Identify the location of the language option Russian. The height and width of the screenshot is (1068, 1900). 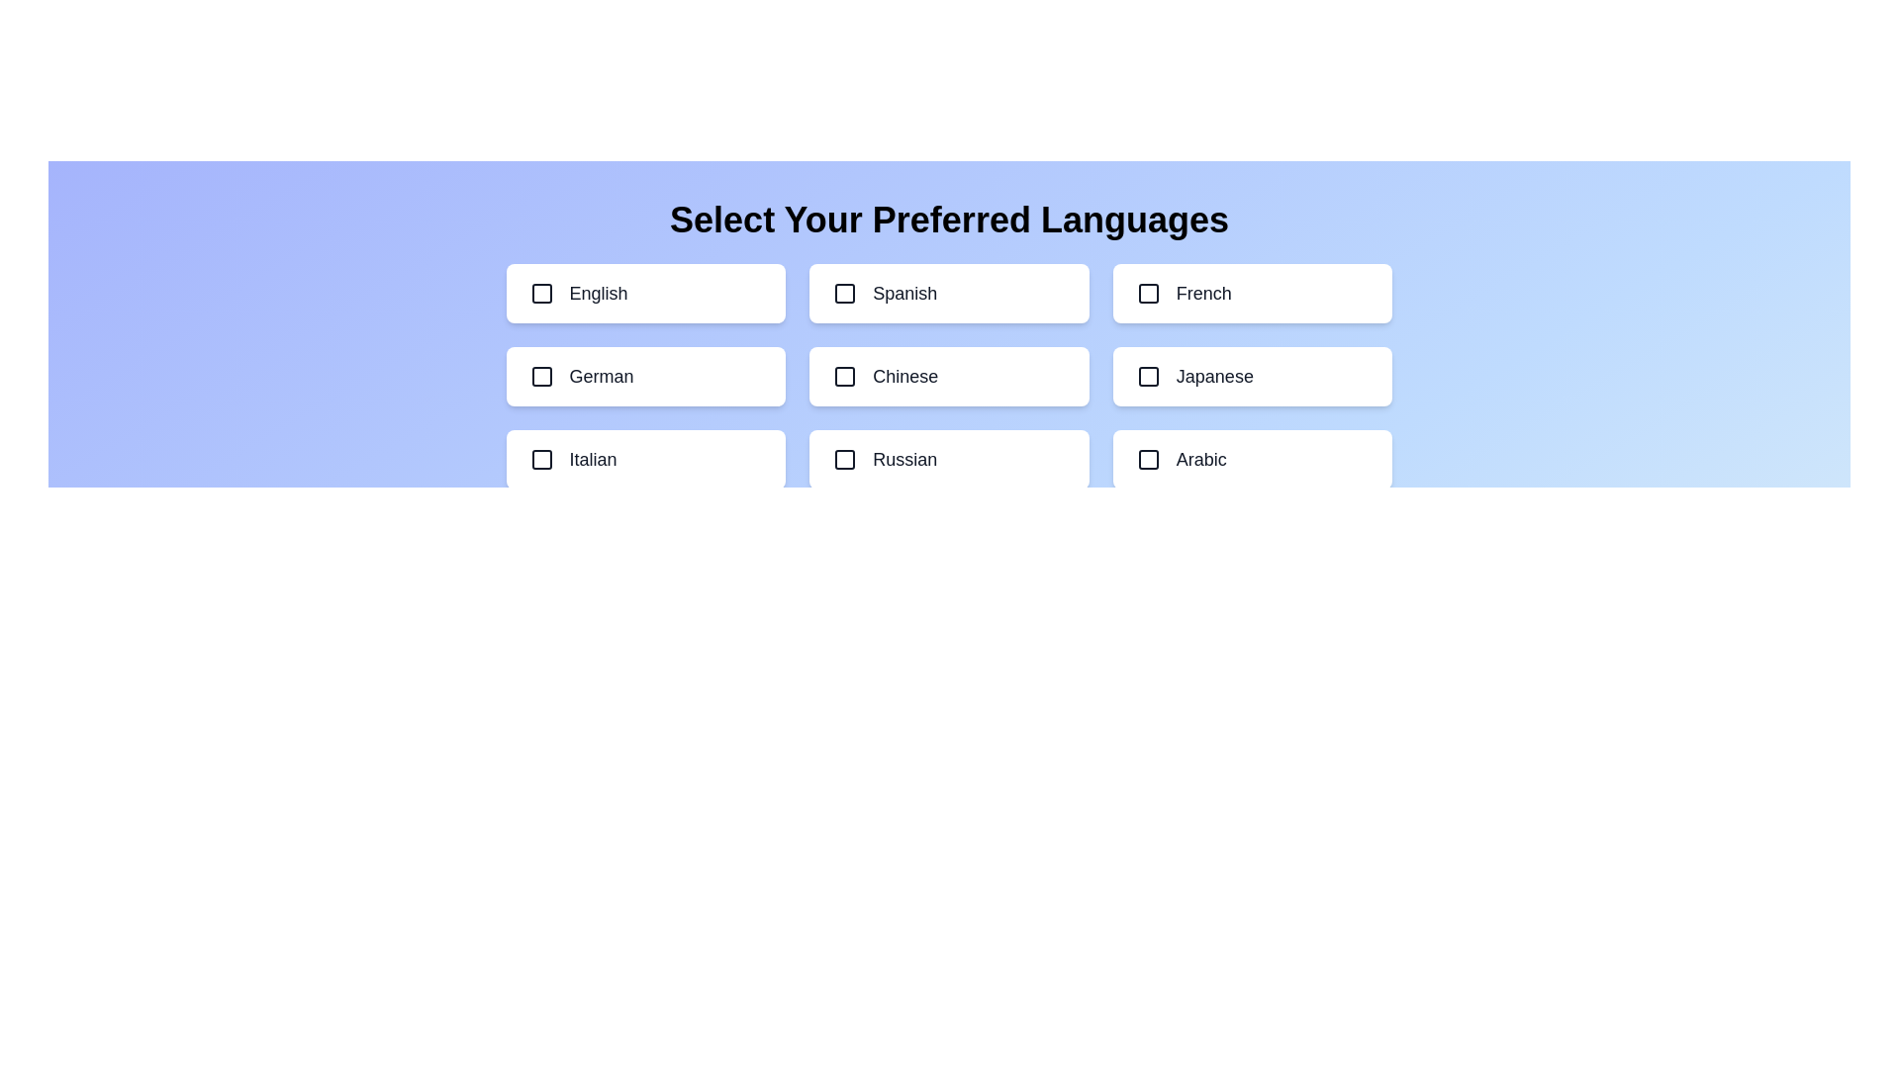
(948, 460).